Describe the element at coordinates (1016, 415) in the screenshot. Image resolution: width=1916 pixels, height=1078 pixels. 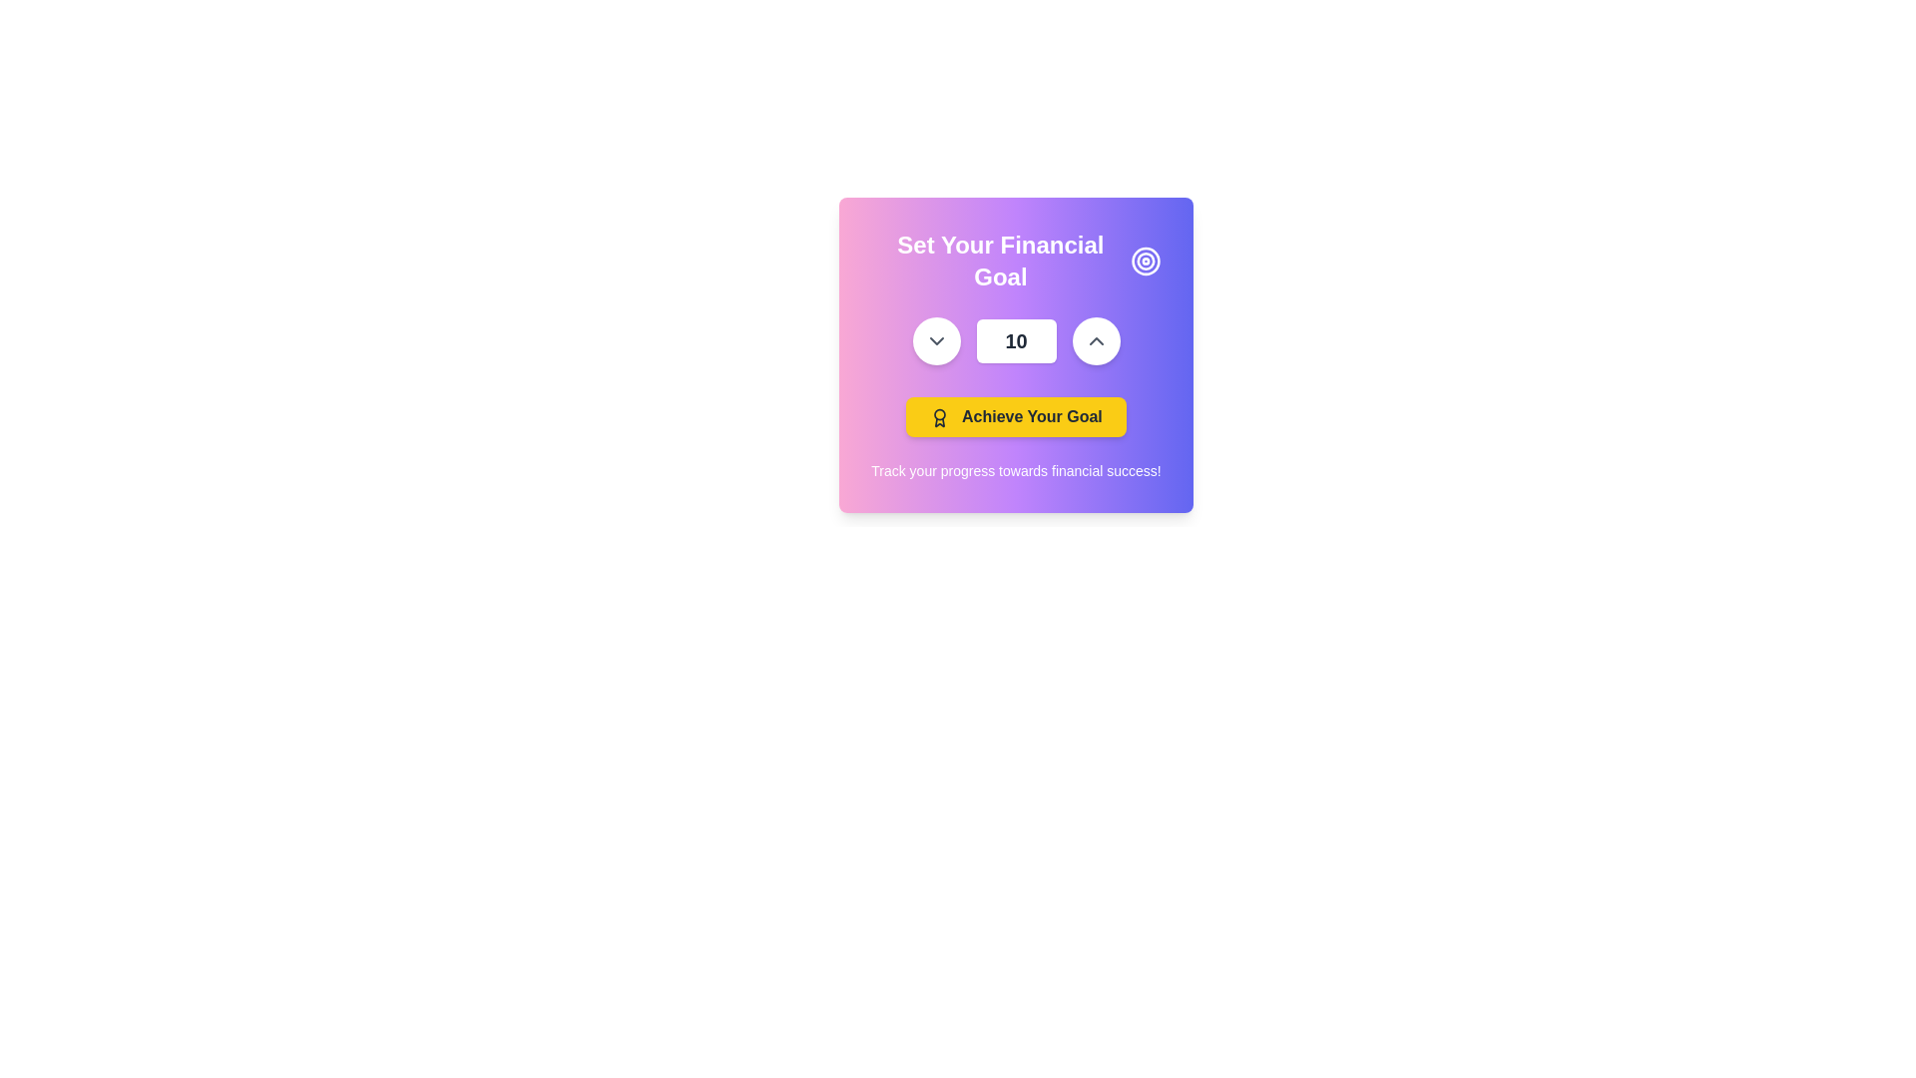
I see `the yellow button labeled 'Achieve Your Goal' with a trophy icon to change its color` at that location.